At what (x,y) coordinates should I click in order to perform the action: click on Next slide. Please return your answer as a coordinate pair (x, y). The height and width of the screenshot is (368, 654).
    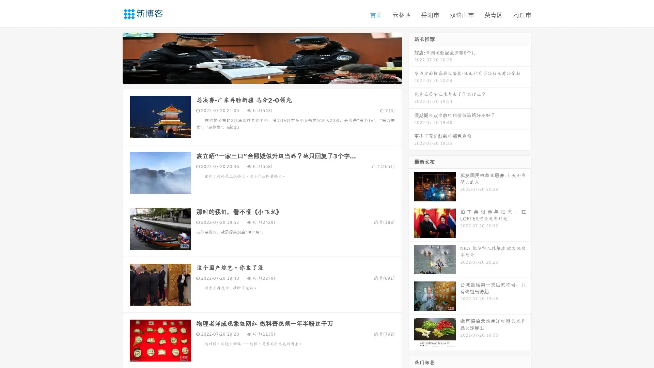
    Looking at the image, I should click on (411, 57).